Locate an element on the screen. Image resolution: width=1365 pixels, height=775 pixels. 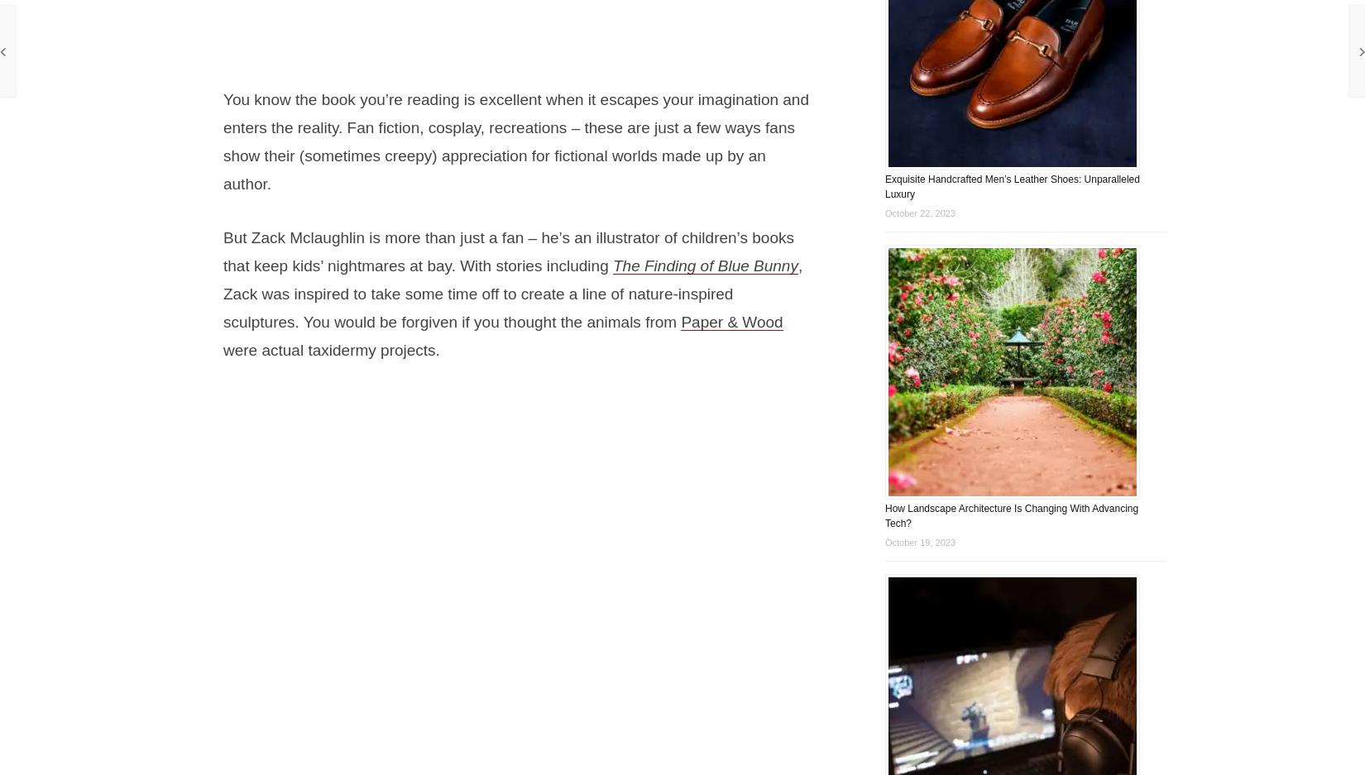
'But Zack Mclaughlin is more than just a fan – he’s an illustrator of children’s books that keep kids’ nightmares at bay. With stories including' is located at coordinates (506, 251).